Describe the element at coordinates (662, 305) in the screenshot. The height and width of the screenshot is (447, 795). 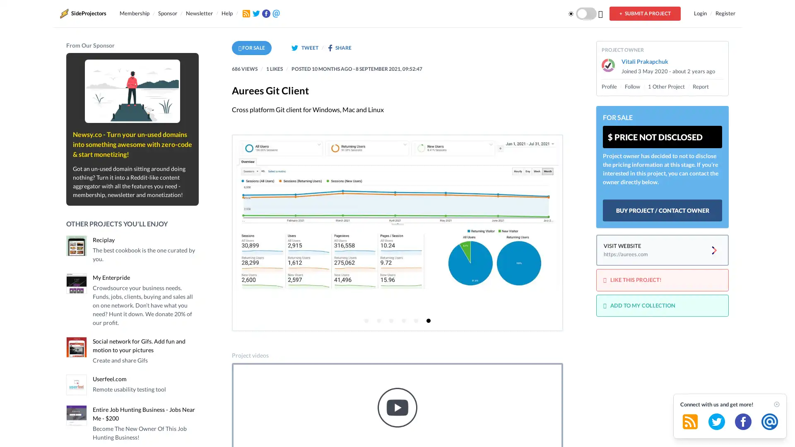
I see `ADD TO MY COLLECTION` at that location.